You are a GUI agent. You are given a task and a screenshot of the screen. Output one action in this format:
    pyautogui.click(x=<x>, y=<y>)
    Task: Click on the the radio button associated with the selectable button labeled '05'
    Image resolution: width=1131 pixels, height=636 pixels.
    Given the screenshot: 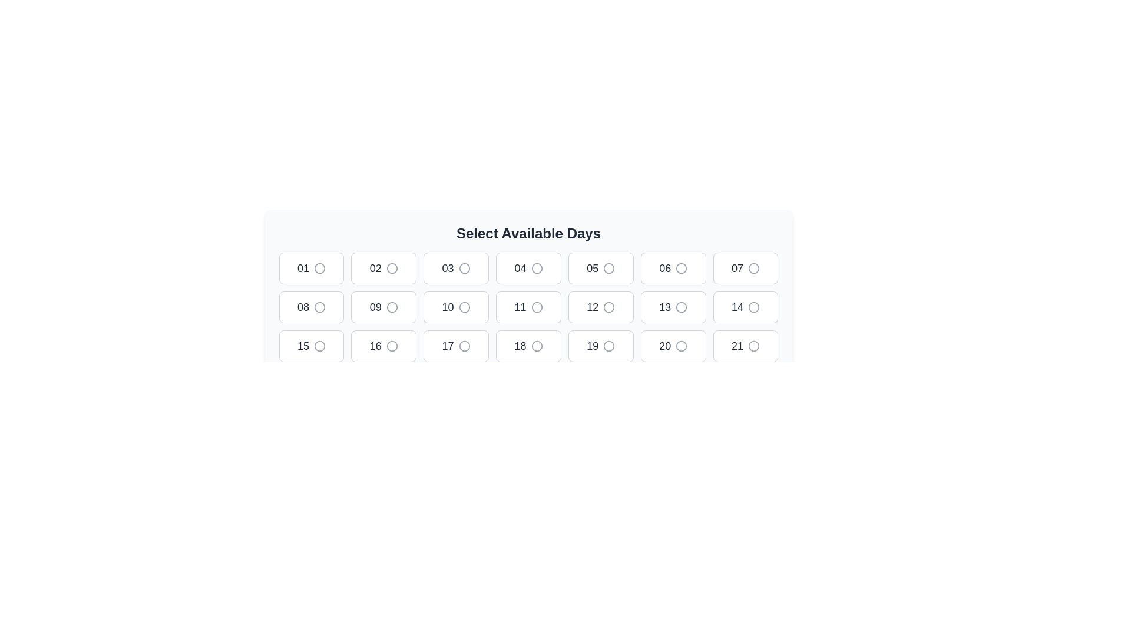 What is the action you would take?
    pyautogui.click(x=601, y=268)
    